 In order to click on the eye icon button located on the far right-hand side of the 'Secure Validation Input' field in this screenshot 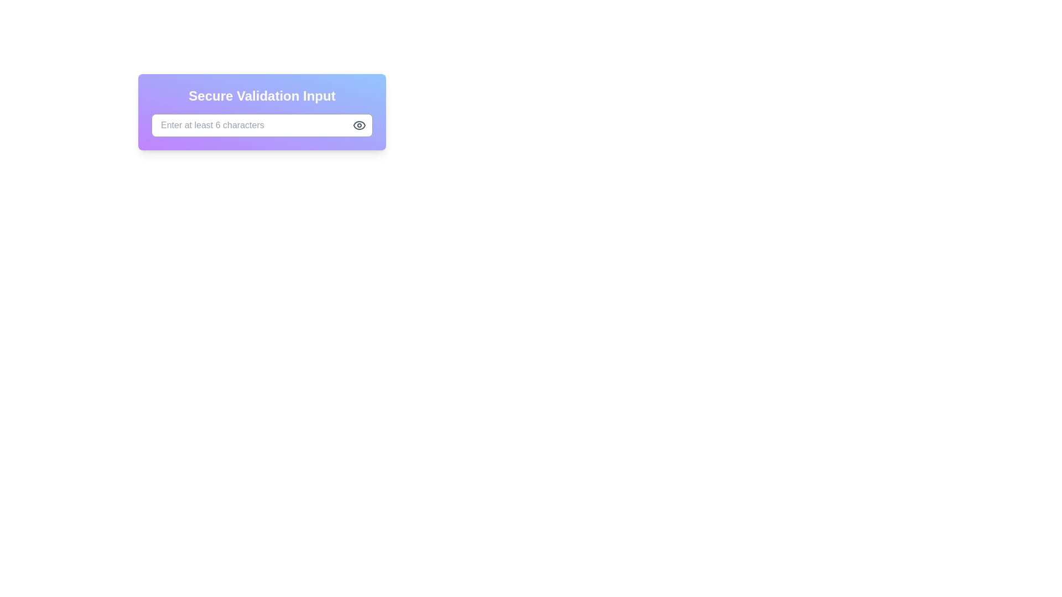, I will do `click(359, 125)`.